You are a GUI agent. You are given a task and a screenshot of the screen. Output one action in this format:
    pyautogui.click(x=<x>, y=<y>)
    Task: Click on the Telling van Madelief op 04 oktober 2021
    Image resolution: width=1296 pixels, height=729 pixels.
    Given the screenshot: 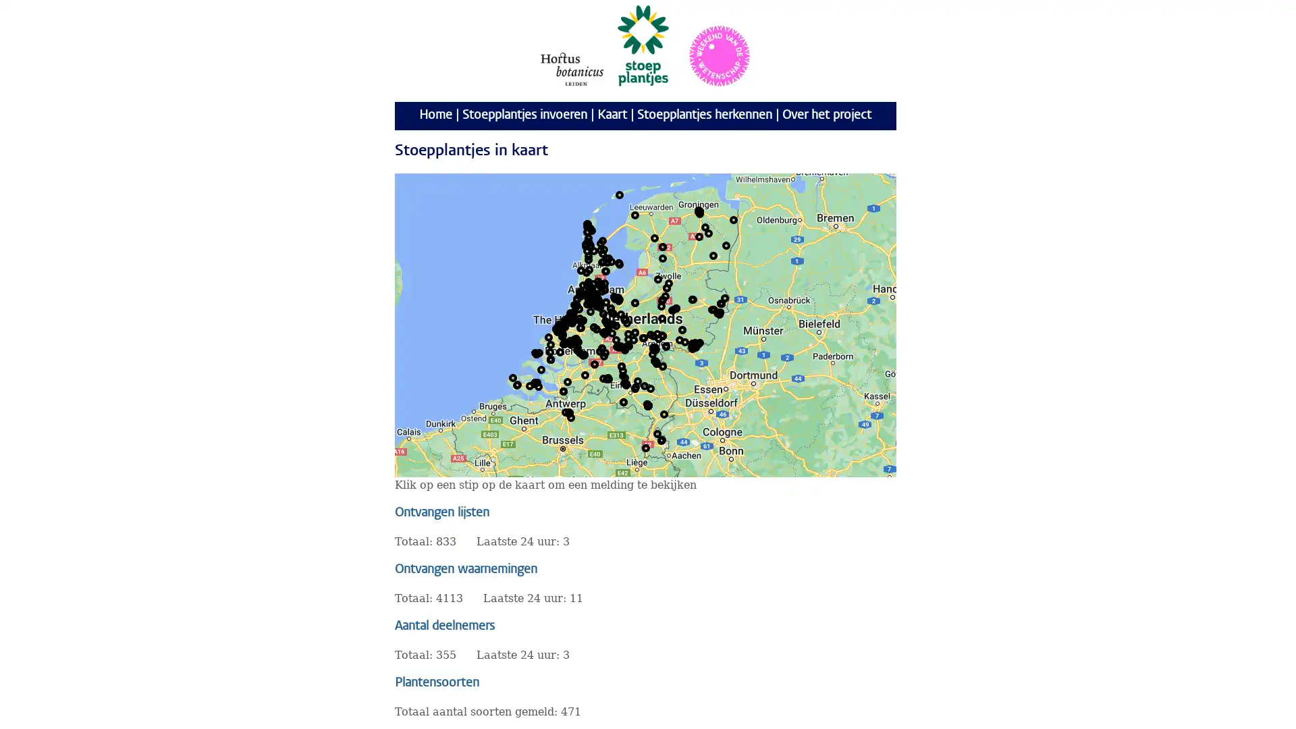 What is the action you would take?
    pyautogui.click(x=566, y=320)
    